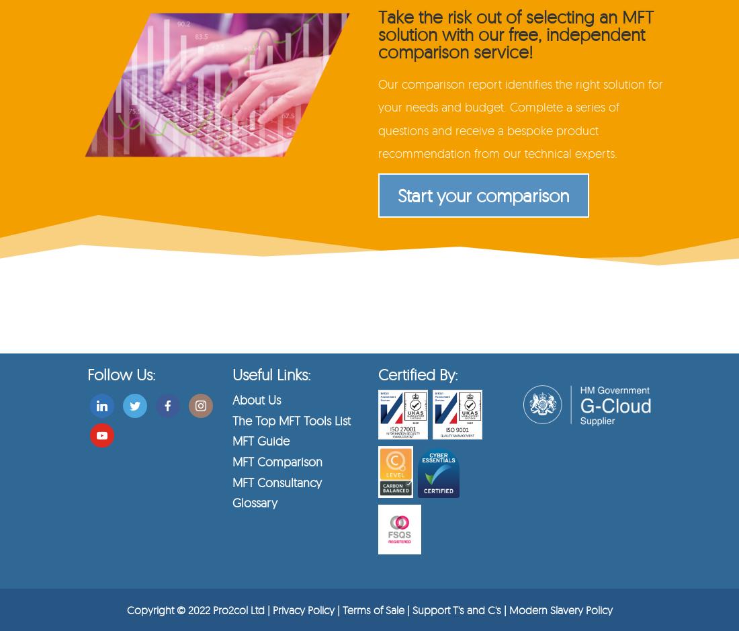  I want to click on 'Certified By:', so click(376, 374).